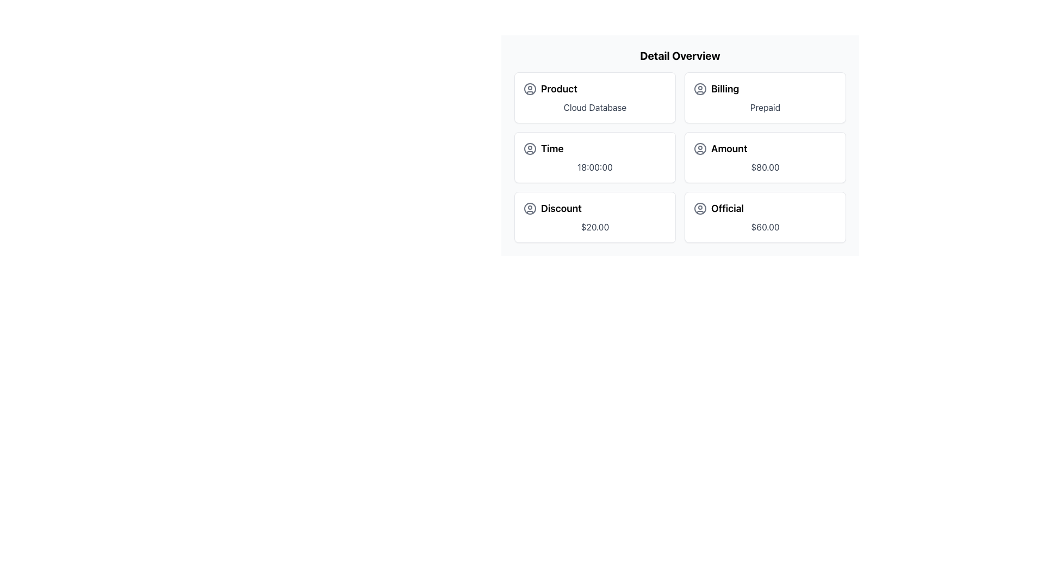 This screenshot has width=1044, height=587. I want to click on text label 'Official' located to the right of the user icon in the bottom-right card of a 2x3 grid, so click(728, 209).